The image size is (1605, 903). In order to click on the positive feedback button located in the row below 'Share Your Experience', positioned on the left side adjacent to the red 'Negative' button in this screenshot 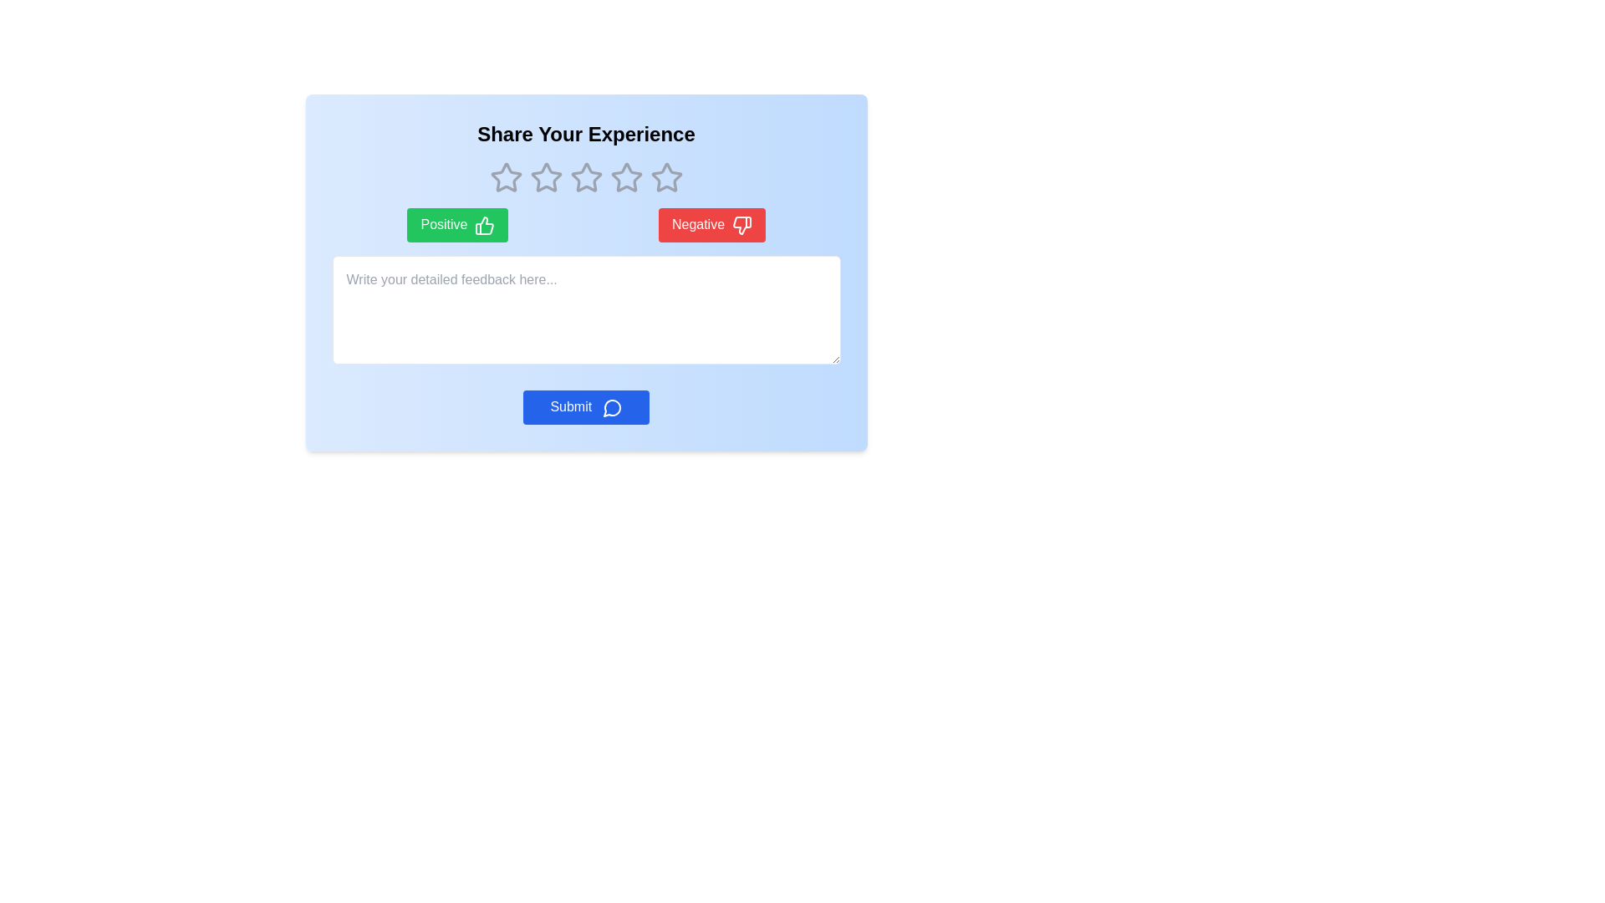, I will do `click(457, 224)`.